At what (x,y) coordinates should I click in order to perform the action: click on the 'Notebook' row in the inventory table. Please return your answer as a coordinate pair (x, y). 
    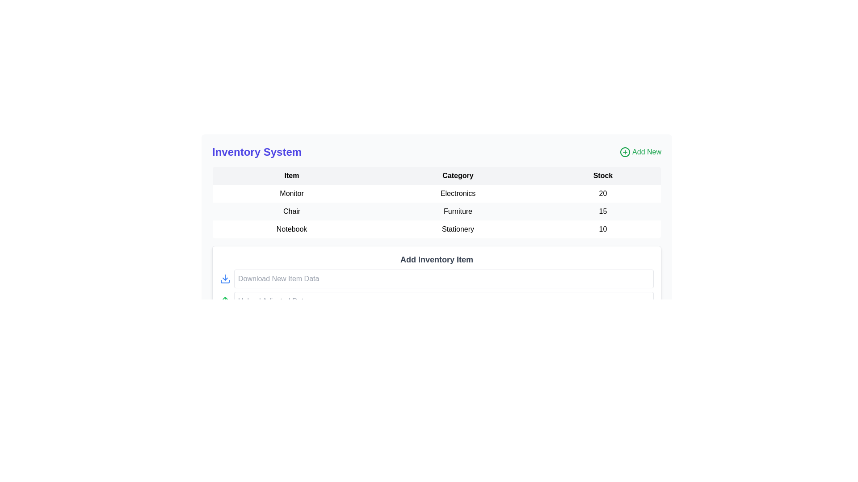
    Looking at the image, I should click on (437, 229).